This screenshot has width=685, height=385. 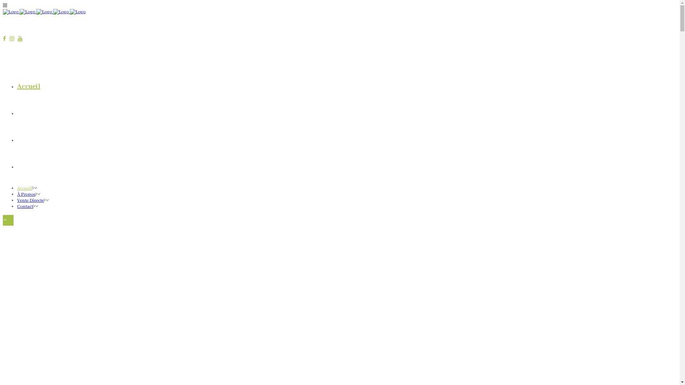 What do you see at coordinates (29, 166) in the screenshot?
I see `'Contact'` at bounding box center [29, 166].